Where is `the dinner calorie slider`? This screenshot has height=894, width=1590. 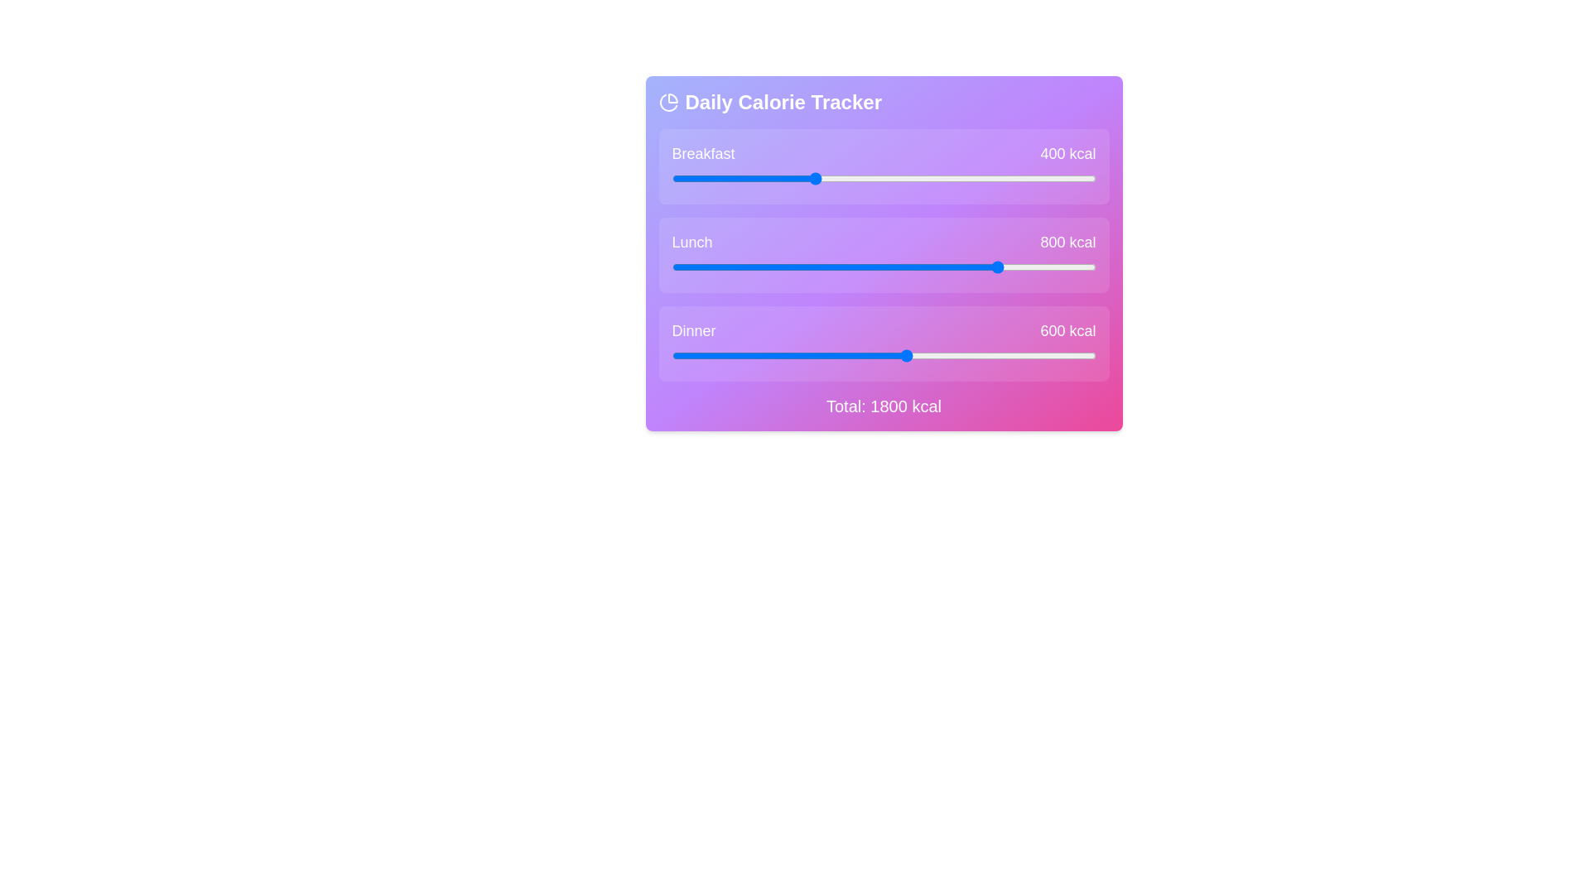 the dinner calorie slider is located at coordinates (897, 354).